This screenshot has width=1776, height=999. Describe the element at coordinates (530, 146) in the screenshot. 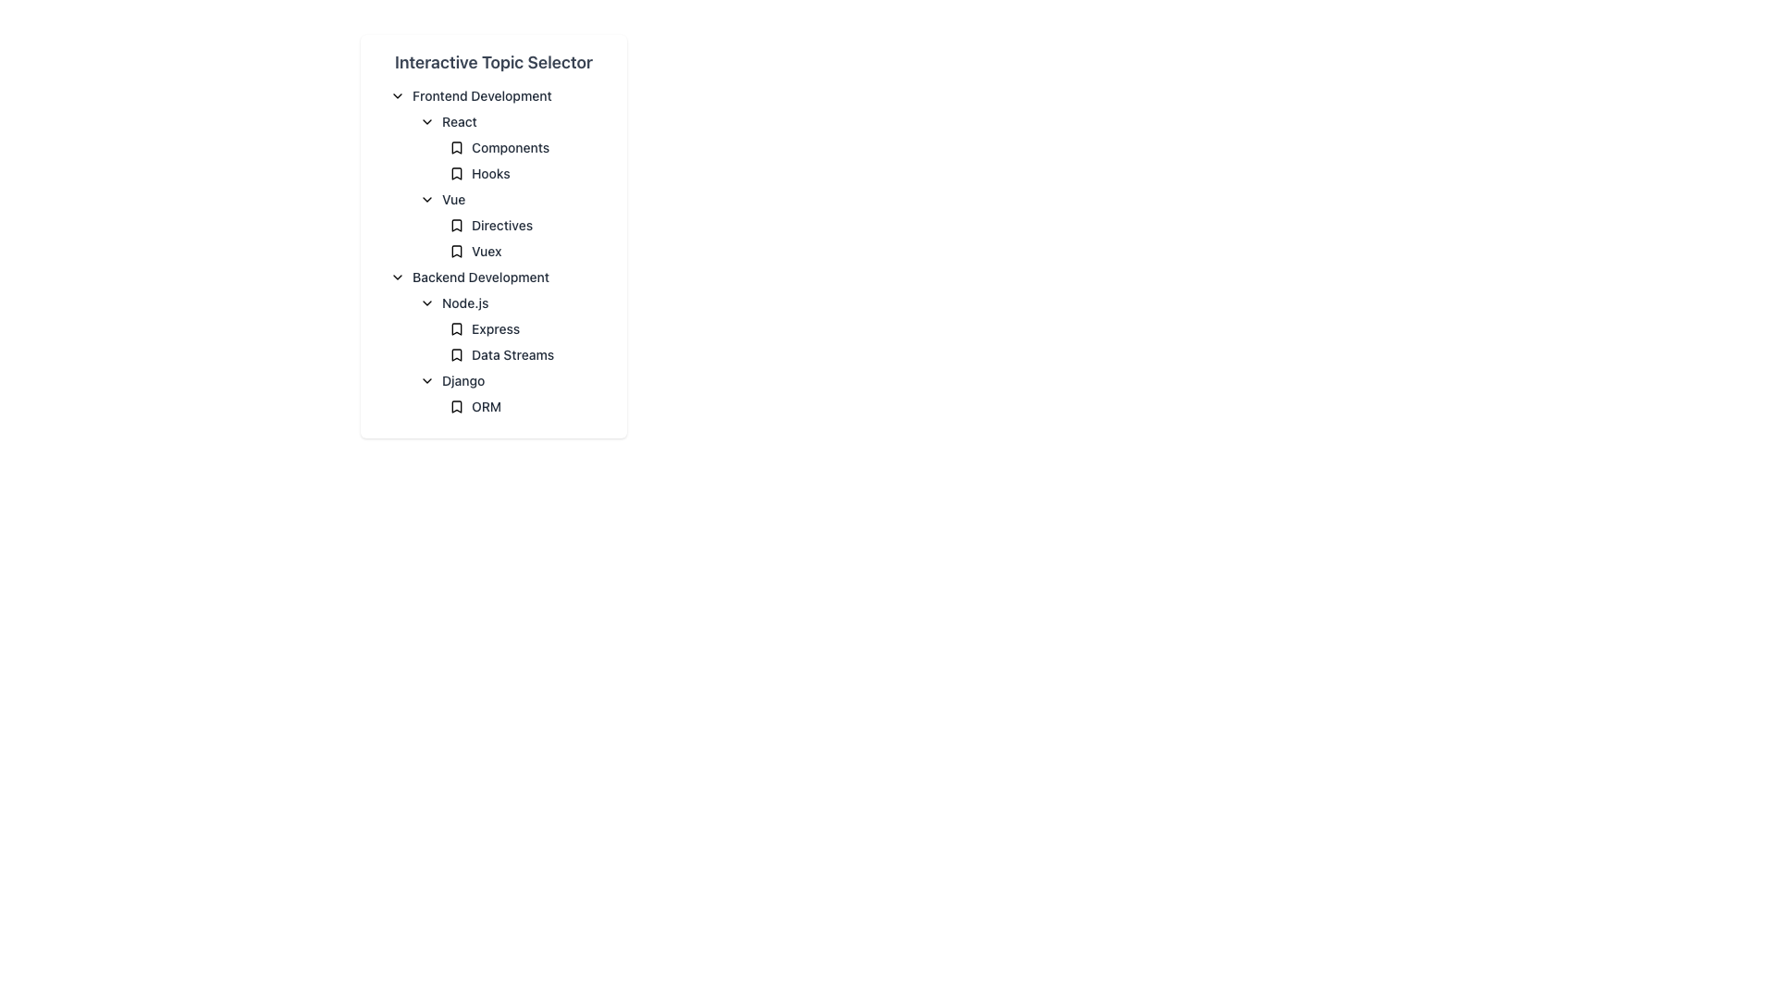

I see `the 'Components' item within the 'React' subcategory of the 'Frontend Development' section in the topic selector panel` at that location.